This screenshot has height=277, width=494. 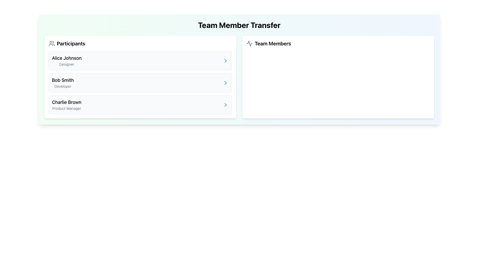 I want to click on the navigational icon located in the second row under the 'Participants' section, aligned to the far right next to the name and role labels for navigation, so click(x=226, y=83).